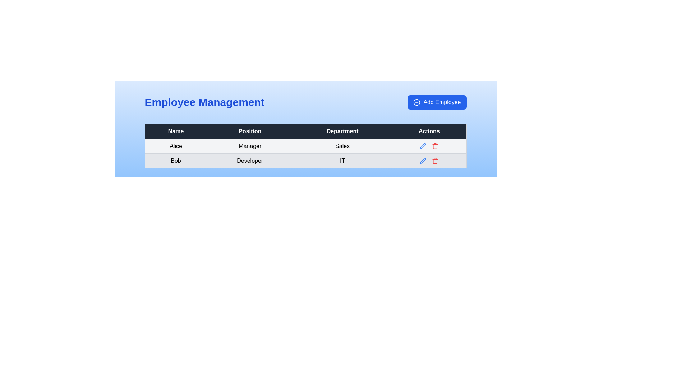 This screenshot has width=690, height=388. Describe the element at coordinates (250, 146) in the screenshot. I see `the static text element displaying the job position 'Manager' in the 'Employee Management' table` at that location.